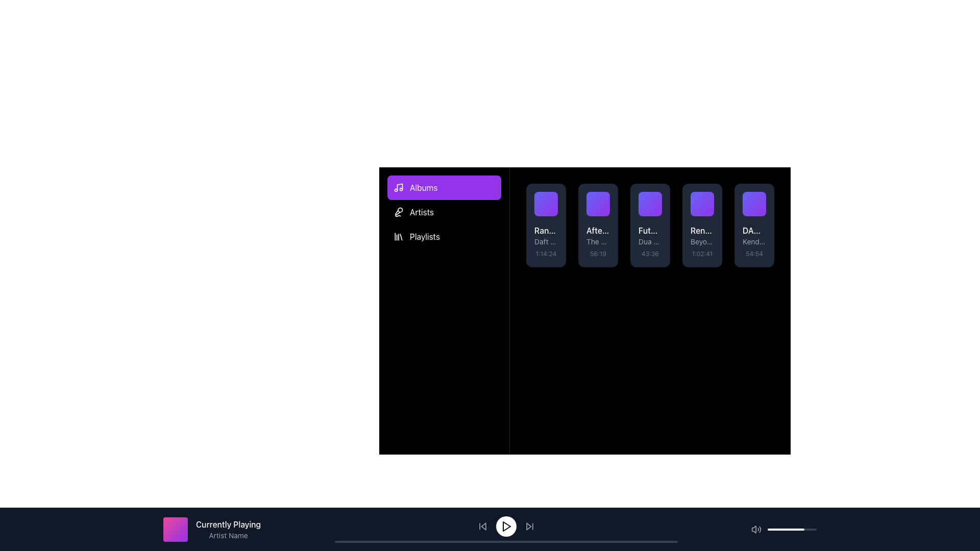 Image resolution: width=980 pixels, height=551 pixels. I want to click on the horizontal progress bar located at the bottom section of the application interface to change the playback position, so click(506, 541).